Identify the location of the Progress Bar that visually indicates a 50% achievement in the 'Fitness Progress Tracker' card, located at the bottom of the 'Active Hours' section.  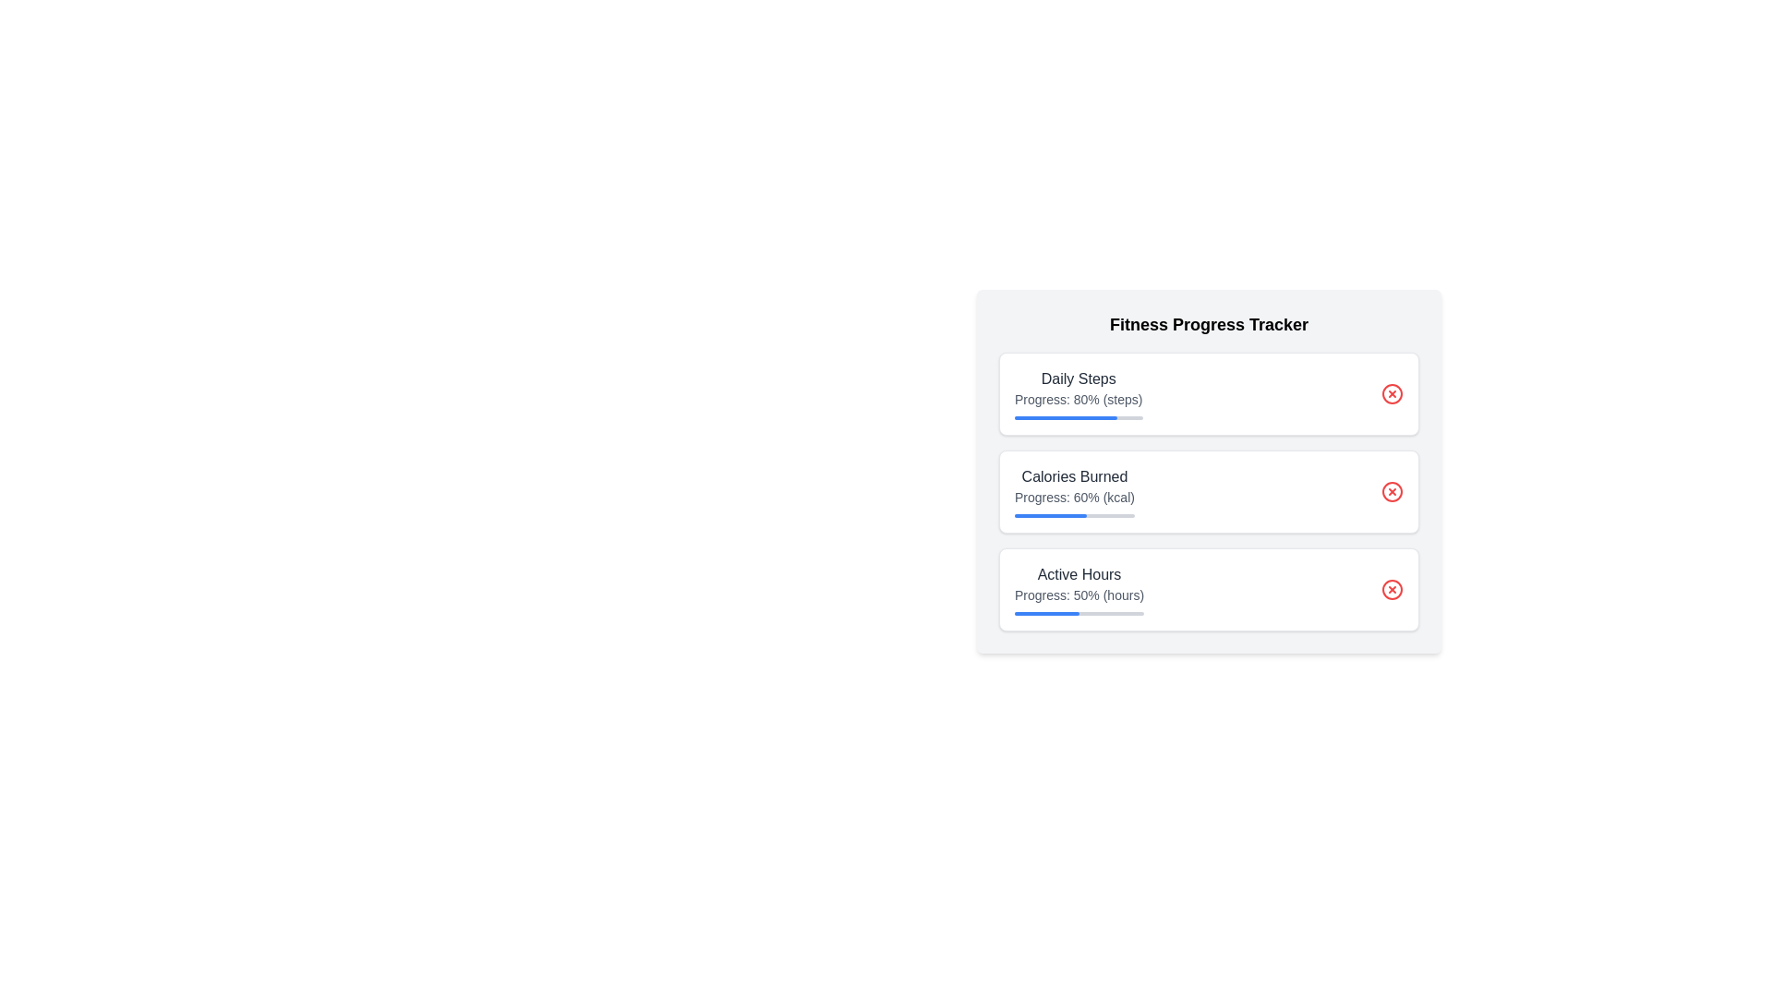
(1046, 613).